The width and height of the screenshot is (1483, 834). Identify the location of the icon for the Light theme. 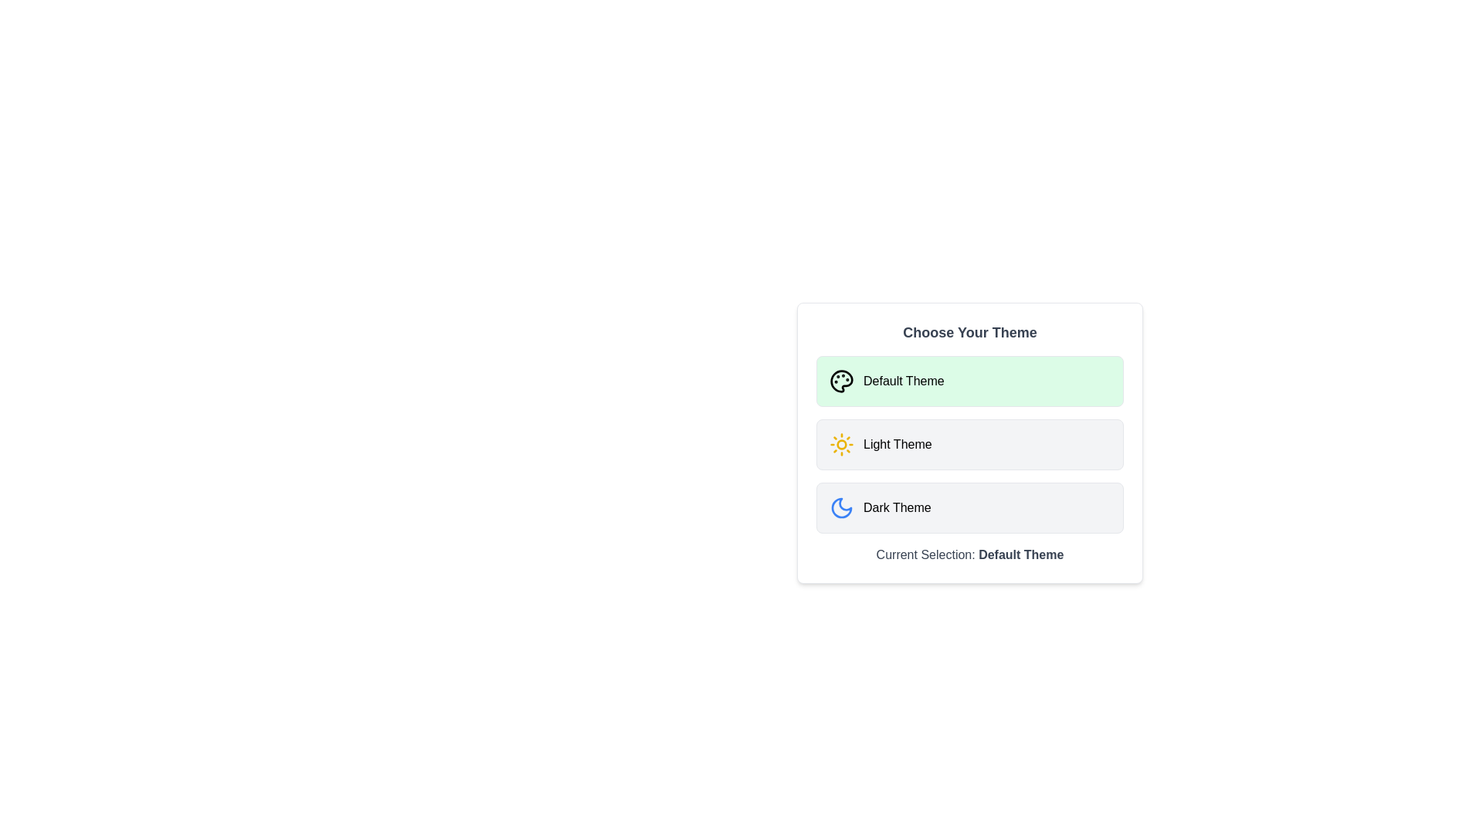
(840, 444).